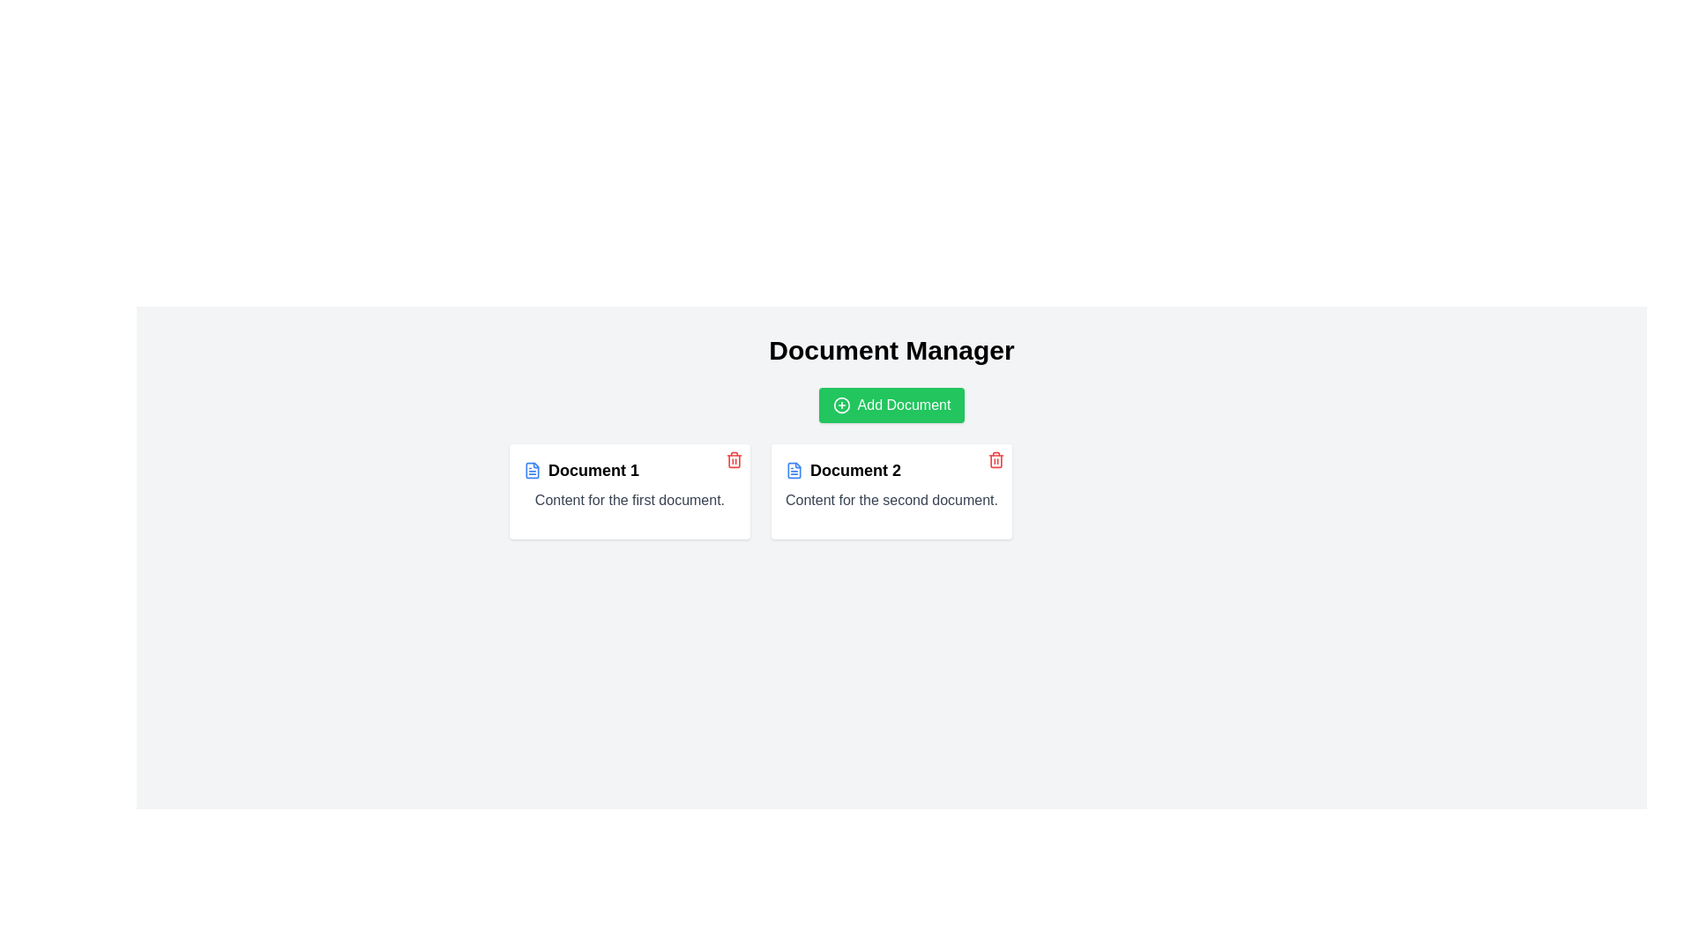 This screenshot has height=952, width=1693. What do you see at coordinates (891, 500) in the screenshot?
I see `the text element displaying 'Content for the second document.' located within the card labeled 'Document 2'` at bounding box center [891, 500].